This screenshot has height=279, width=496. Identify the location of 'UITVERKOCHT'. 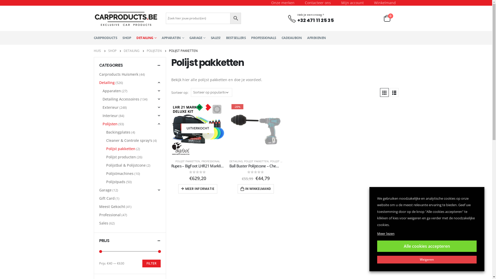
(197, 128).